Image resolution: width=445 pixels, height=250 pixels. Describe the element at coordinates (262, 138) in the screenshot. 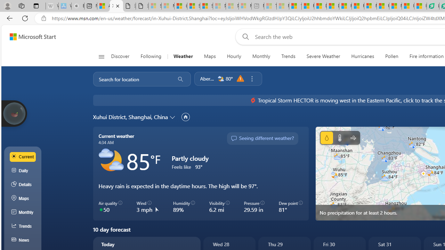

I see `'Seeing different weather?'` at that location.